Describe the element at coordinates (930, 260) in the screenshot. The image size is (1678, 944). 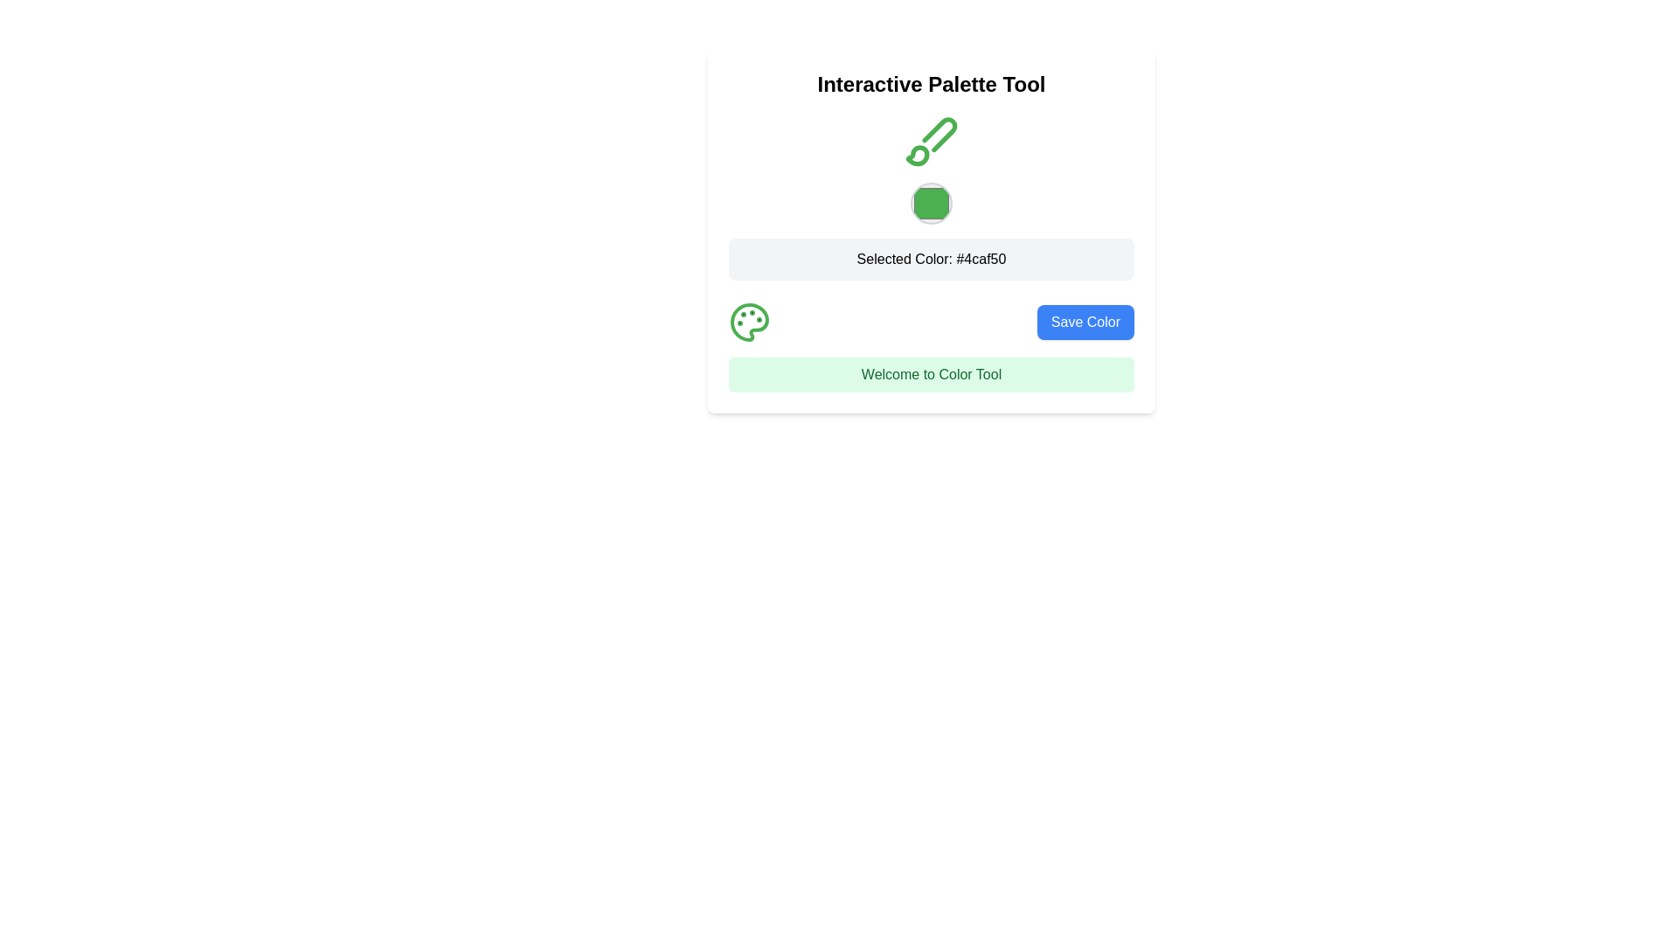
I see `the Text Display that indicates the currently selected color in hexadecimal notation, located centrally below the green circular color selector` at that location.